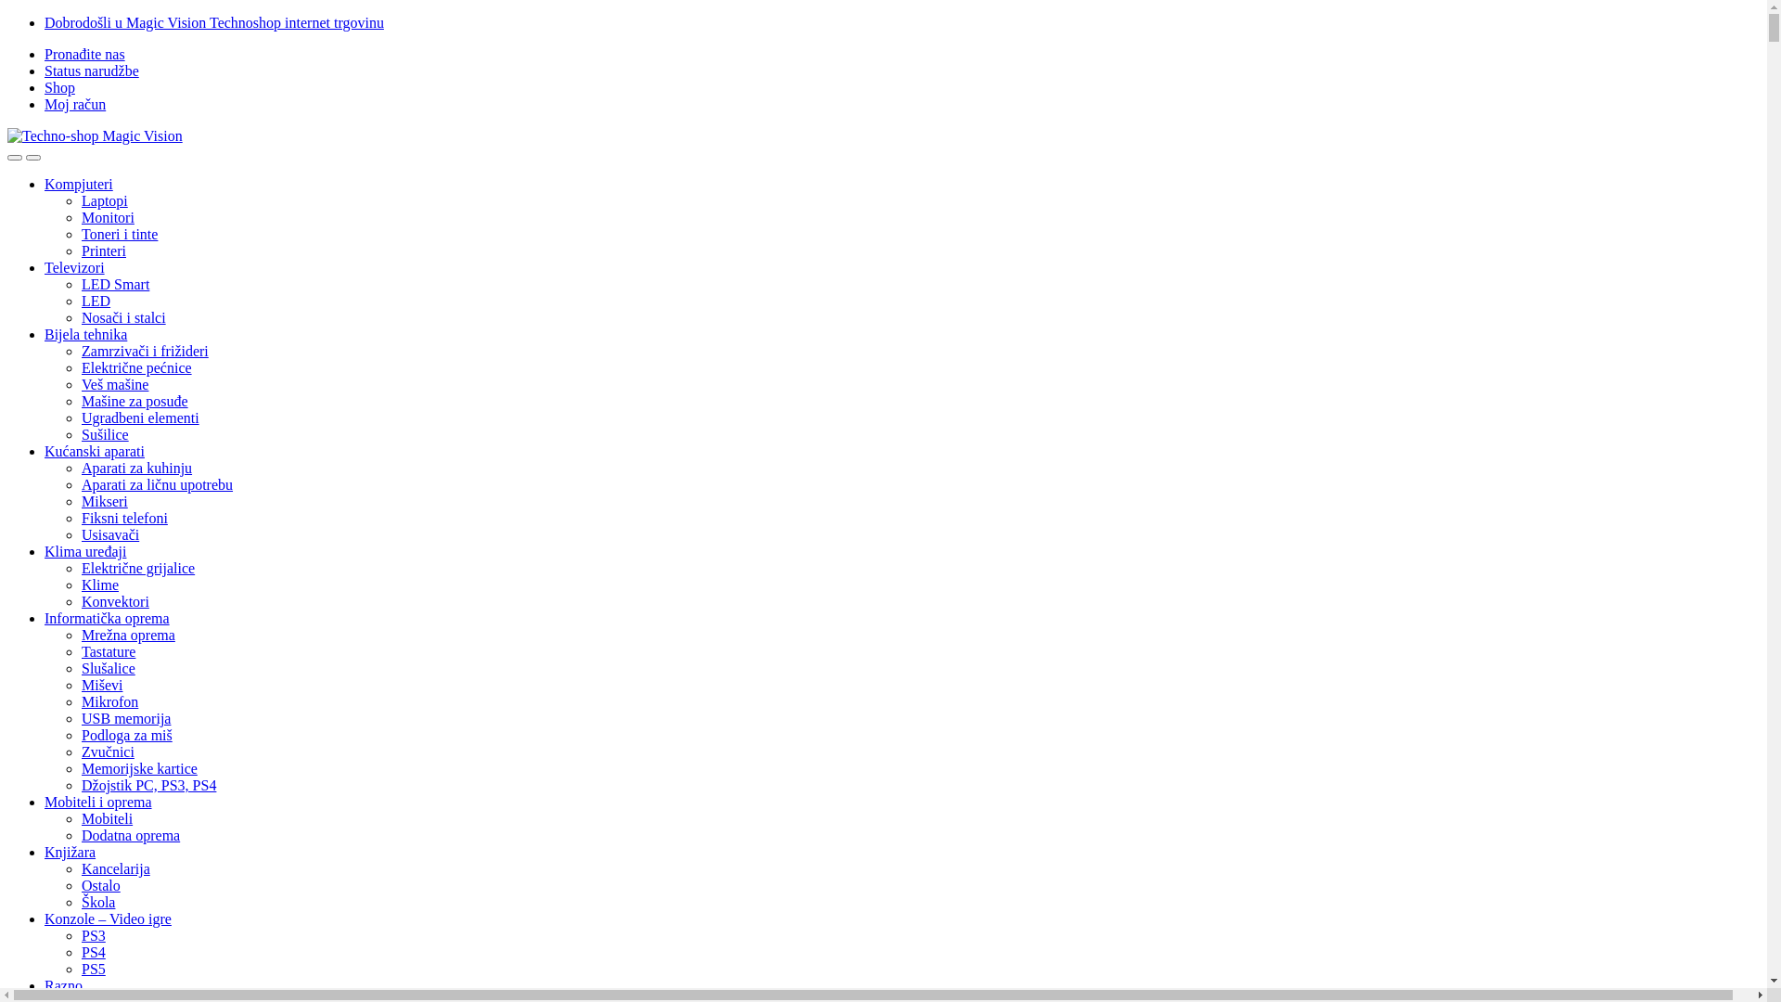 The width and height of the screenshot is (1781, 1002). Describe the element at coordinates (45, 87) in the screenshot. I see `'Shop'` at that location.